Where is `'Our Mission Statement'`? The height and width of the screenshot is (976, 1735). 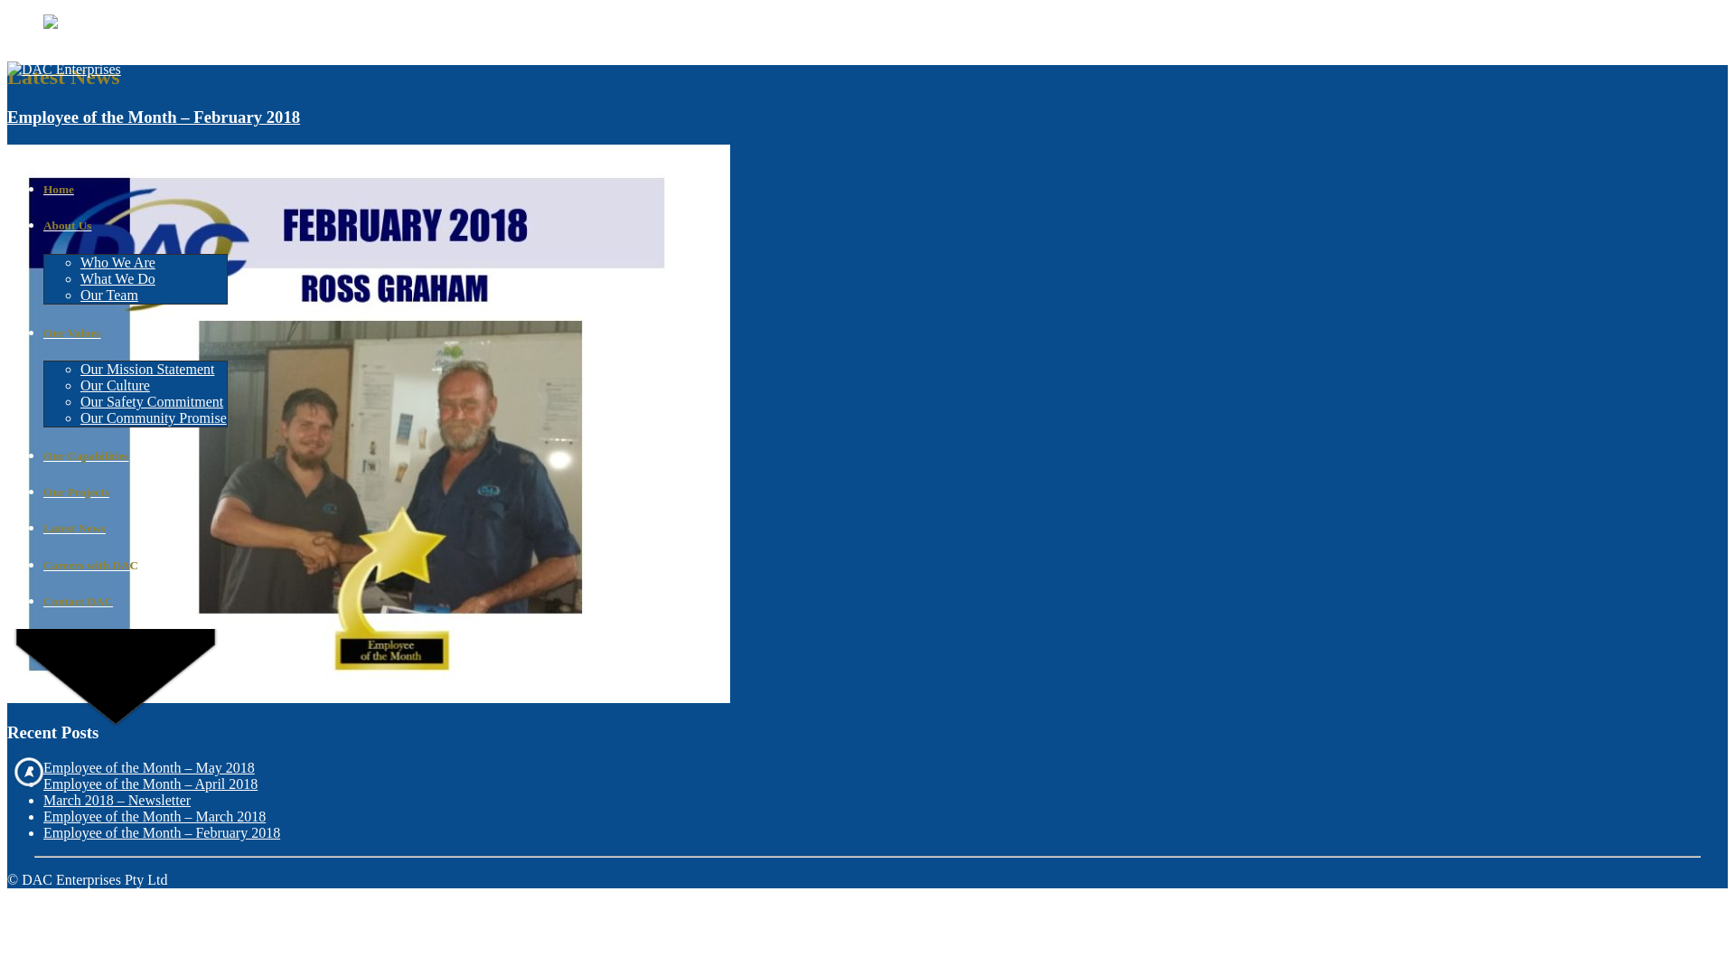
'Our Mission Statement' is located at coordinates (147, 368).